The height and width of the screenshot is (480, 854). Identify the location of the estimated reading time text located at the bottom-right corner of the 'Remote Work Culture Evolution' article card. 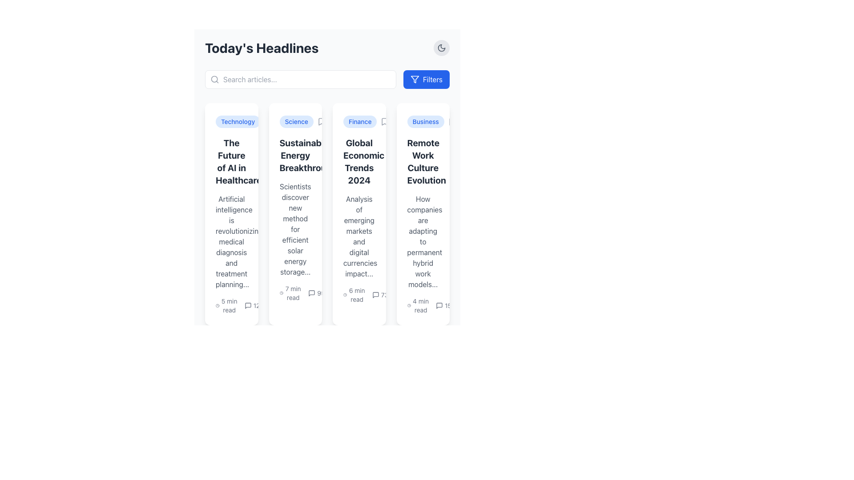
(423, 305).